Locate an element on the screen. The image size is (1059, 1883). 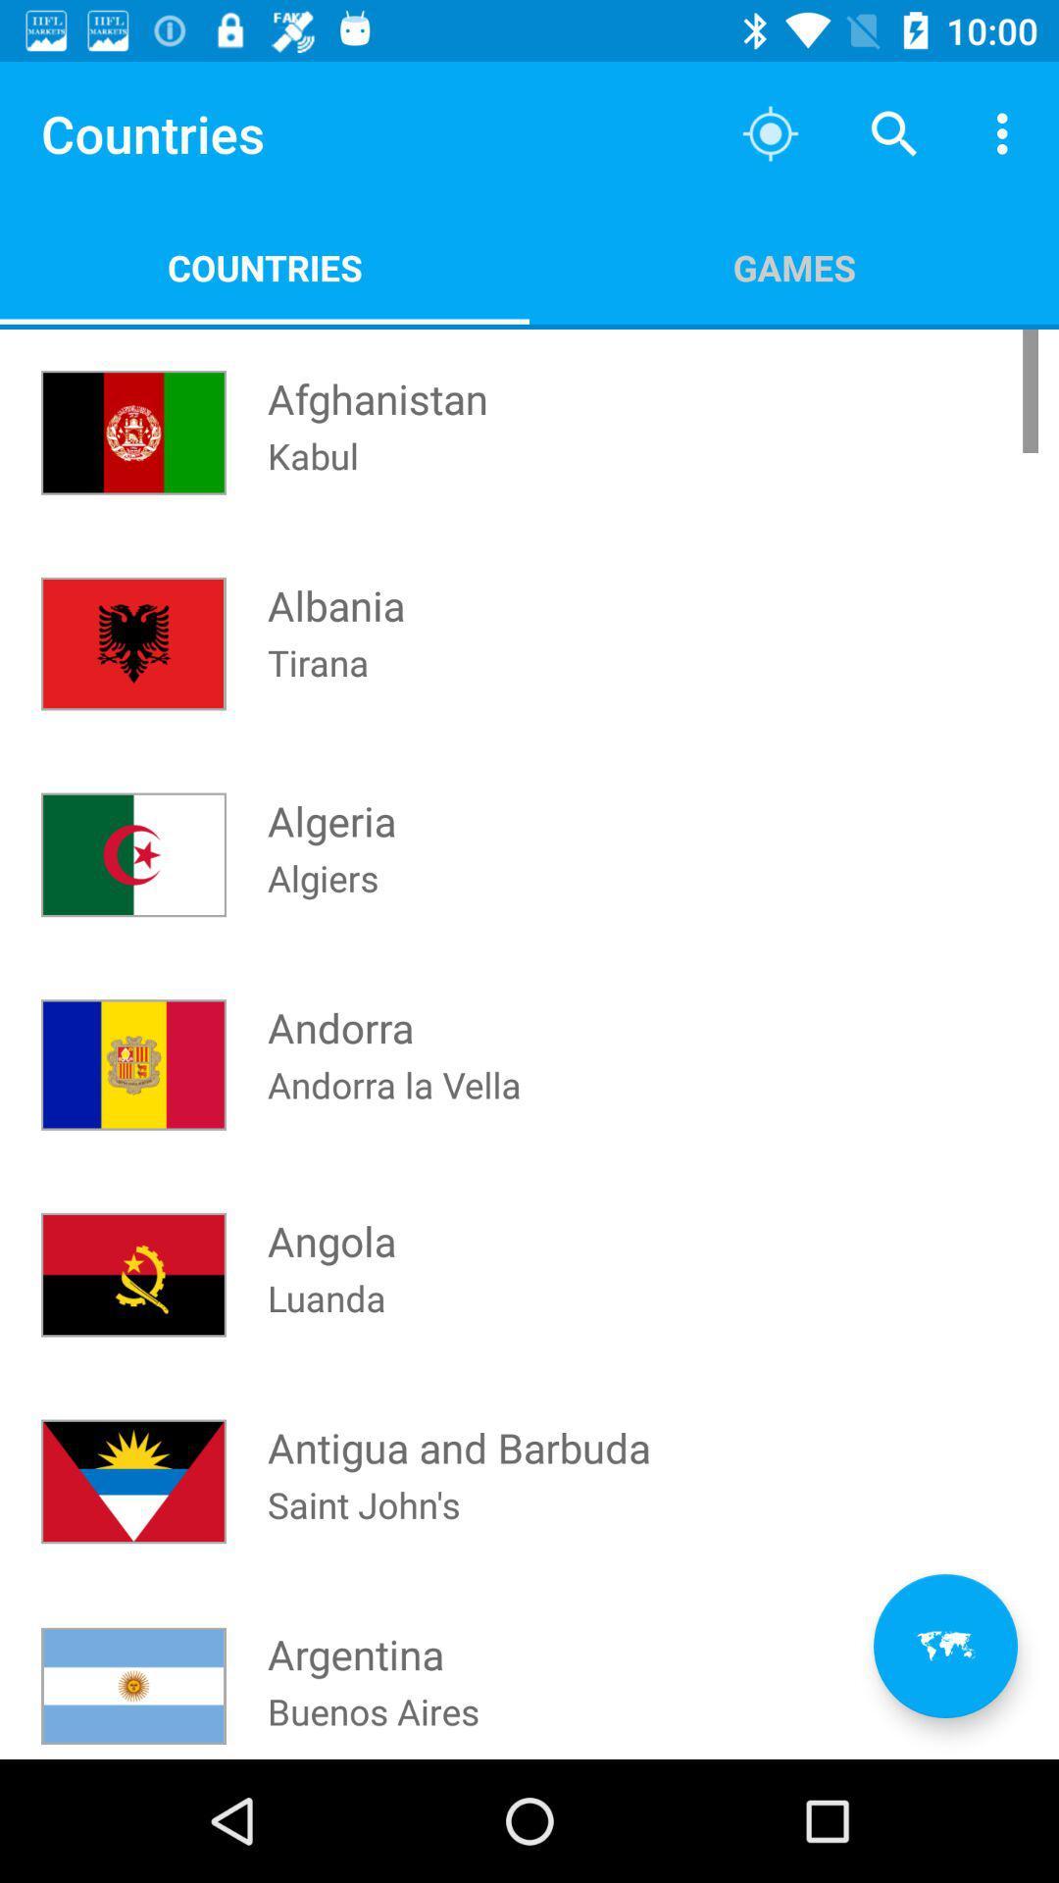
icon above antigua and barbuda icon is located at coordinates (326, 1323).